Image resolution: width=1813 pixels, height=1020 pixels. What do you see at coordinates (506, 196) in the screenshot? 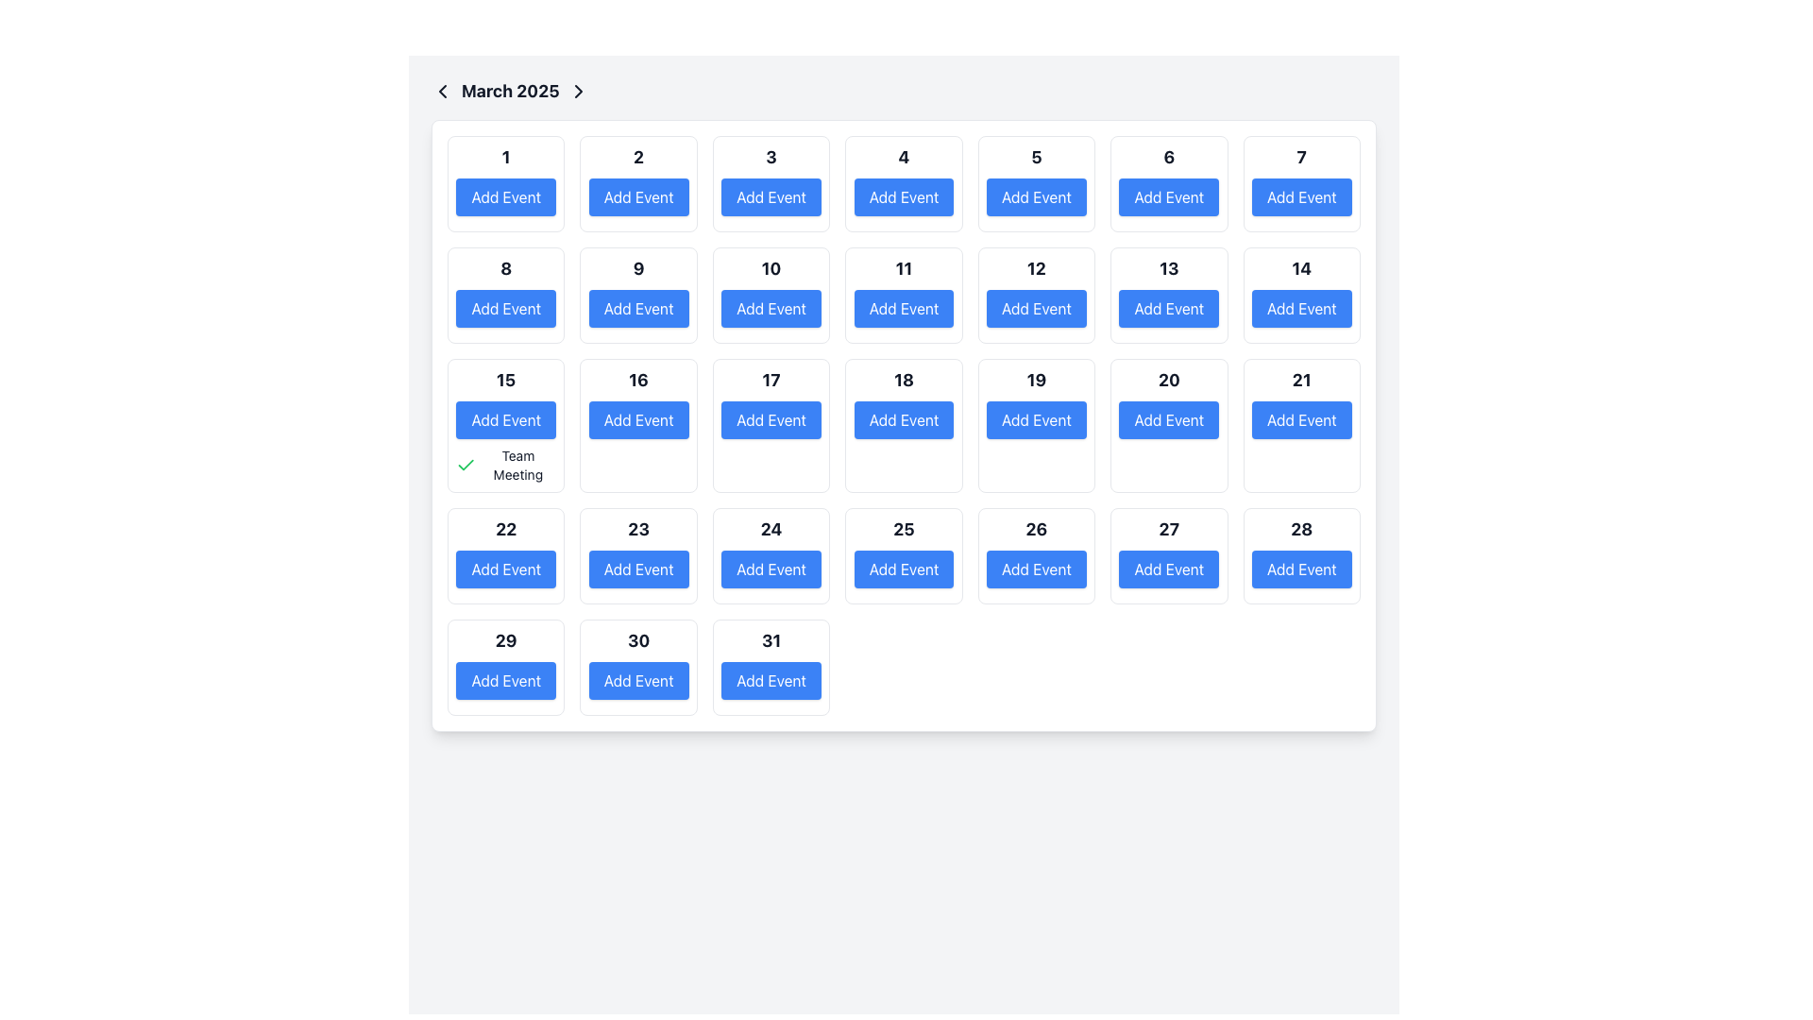
I see `the rectangular 'Add Event' button with a vibrant blue background and white text, located under the cell labeled '1' in the March 2025 calendar view, to trigger its hover effect` at bounding box center [506, 196].